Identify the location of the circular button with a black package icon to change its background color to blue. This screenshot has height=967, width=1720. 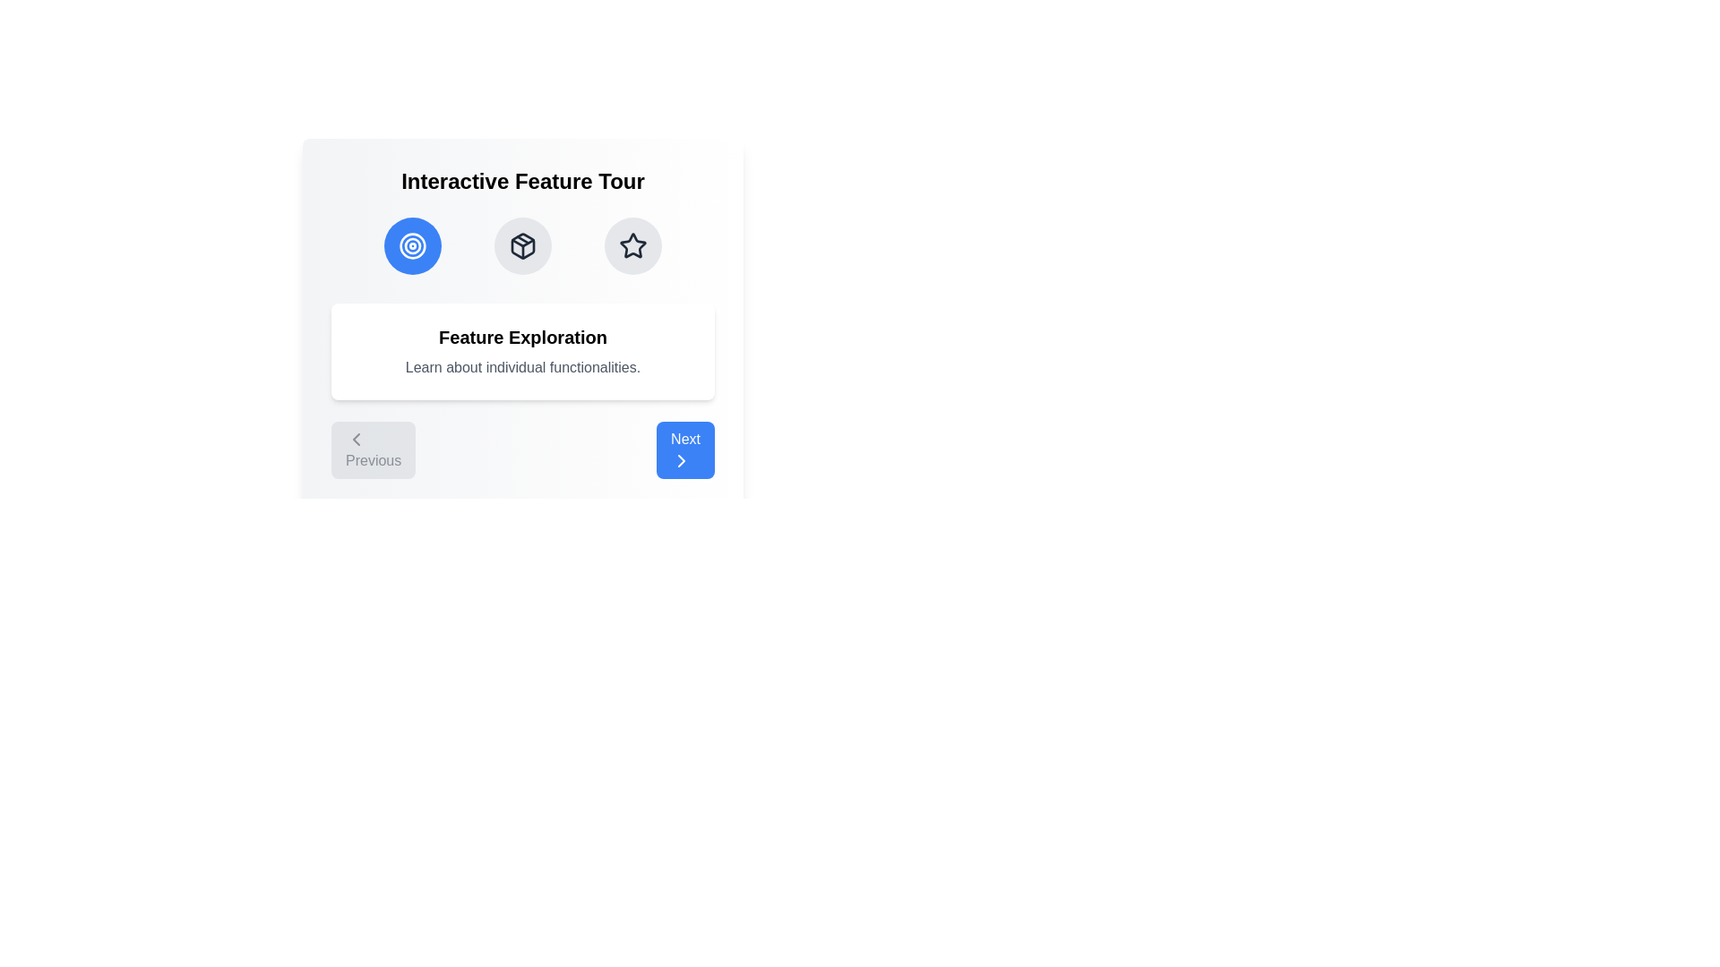
(522, 245).